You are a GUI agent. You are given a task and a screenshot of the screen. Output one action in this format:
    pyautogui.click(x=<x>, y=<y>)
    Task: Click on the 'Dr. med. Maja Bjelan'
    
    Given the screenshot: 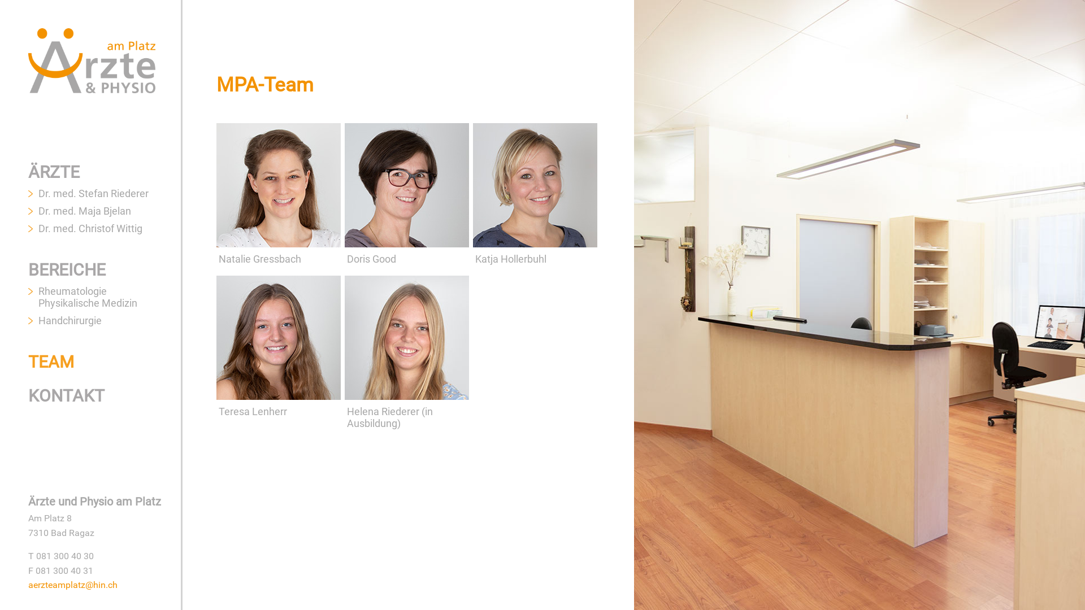 What is the action you would take?
    pyautogui.click(x=84, y=211)
    